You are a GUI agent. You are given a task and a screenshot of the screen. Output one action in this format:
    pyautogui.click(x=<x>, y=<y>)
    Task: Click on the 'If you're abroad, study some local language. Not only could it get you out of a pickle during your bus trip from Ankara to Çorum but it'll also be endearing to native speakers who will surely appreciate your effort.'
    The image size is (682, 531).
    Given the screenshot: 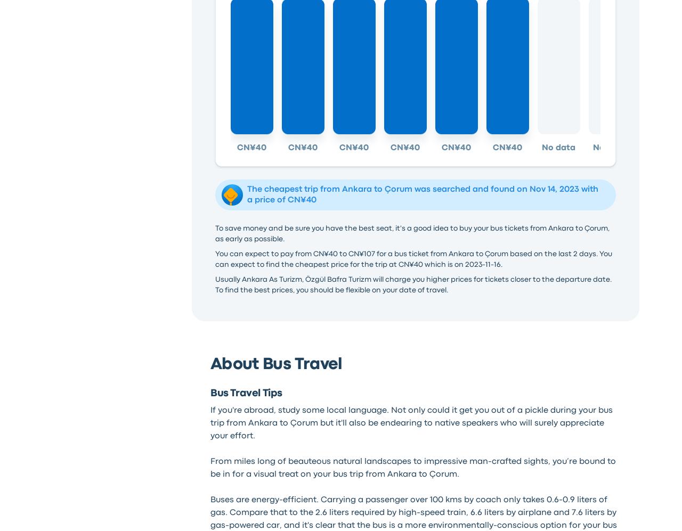 What is the action you would take?
    pyautogui.click(x=410, y=422)
    